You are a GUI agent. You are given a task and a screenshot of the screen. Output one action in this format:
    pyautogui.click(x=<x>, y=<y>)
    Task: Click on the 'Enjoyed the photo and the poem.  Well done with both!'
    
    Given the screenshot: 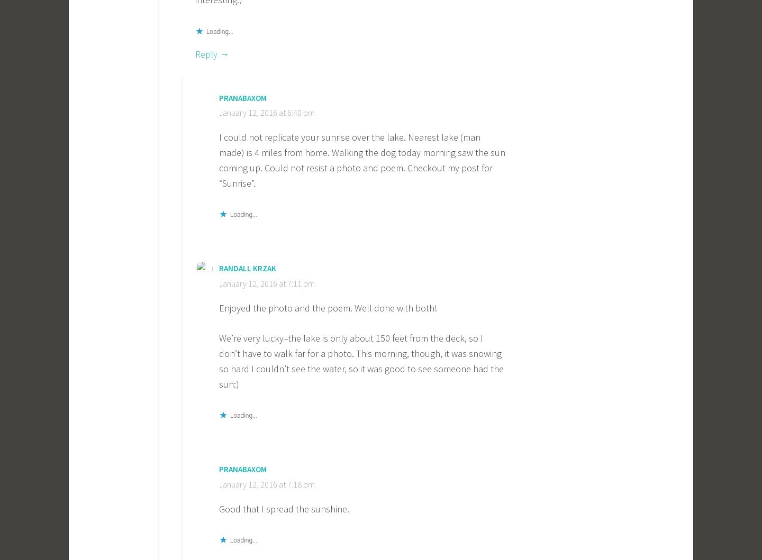 What is the action you would take?
    pyautogui.click(x=328, y=307)
    